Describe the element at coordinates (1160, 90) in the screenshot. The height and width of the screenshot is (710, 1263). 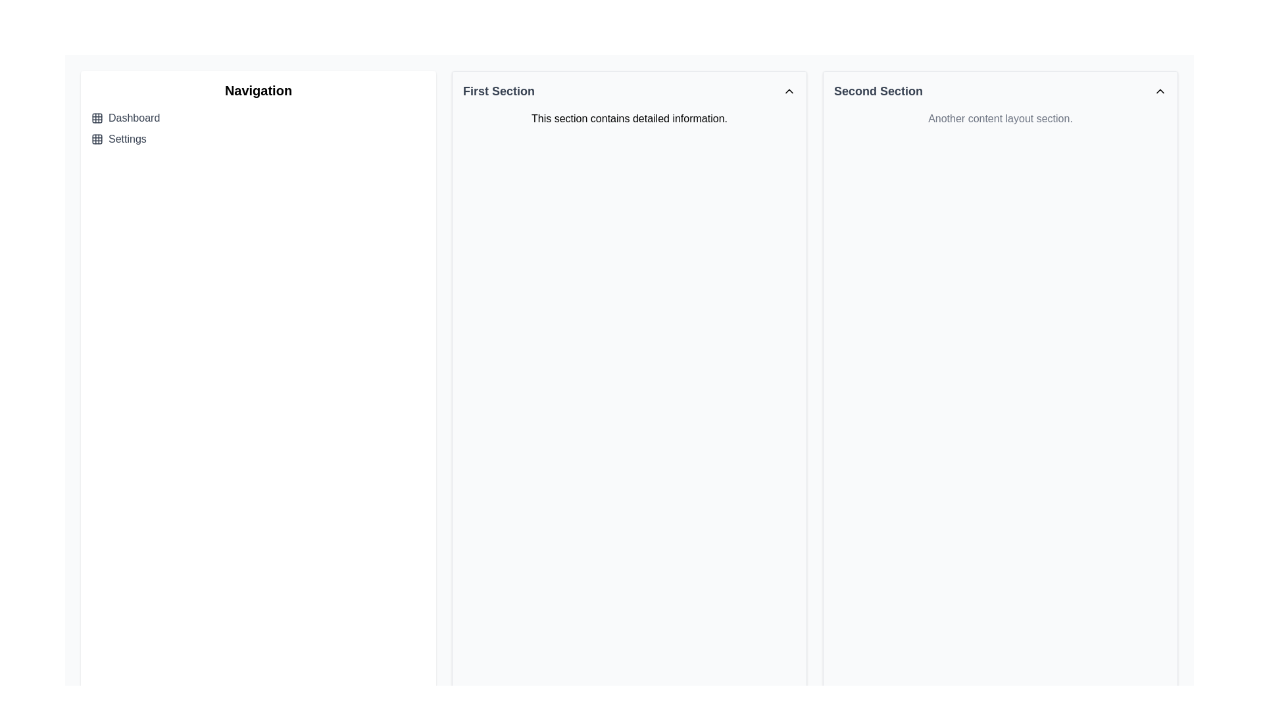
I see `the chevron-up button located at the far right of the header area of the 'Second Section'` at that location.